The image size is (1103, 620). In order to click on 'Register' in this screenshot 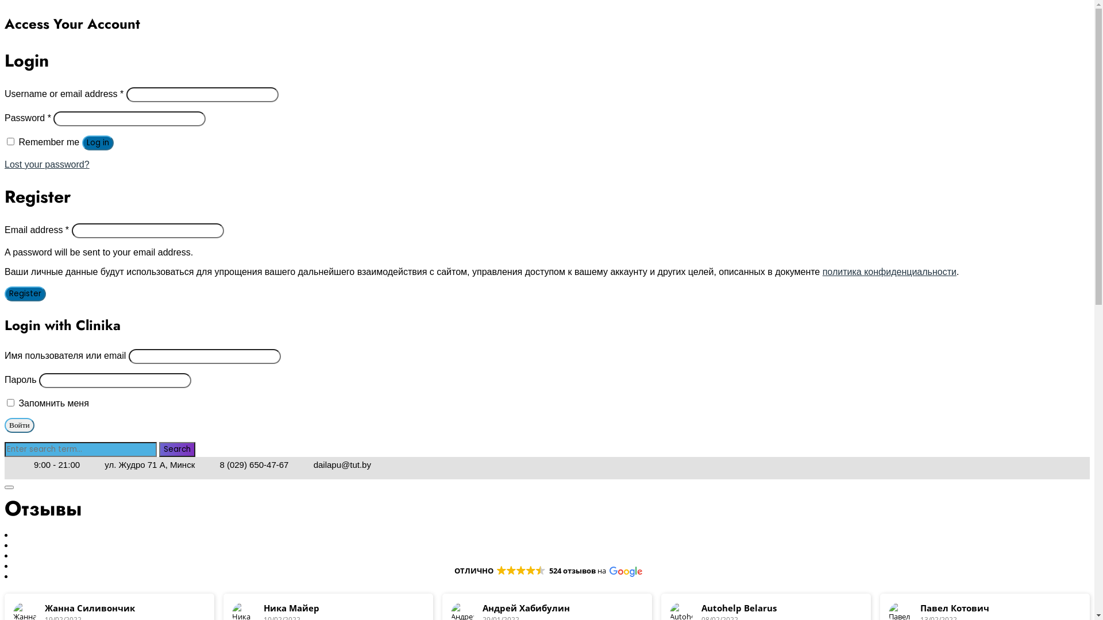, I will do `click(25, 293)`.